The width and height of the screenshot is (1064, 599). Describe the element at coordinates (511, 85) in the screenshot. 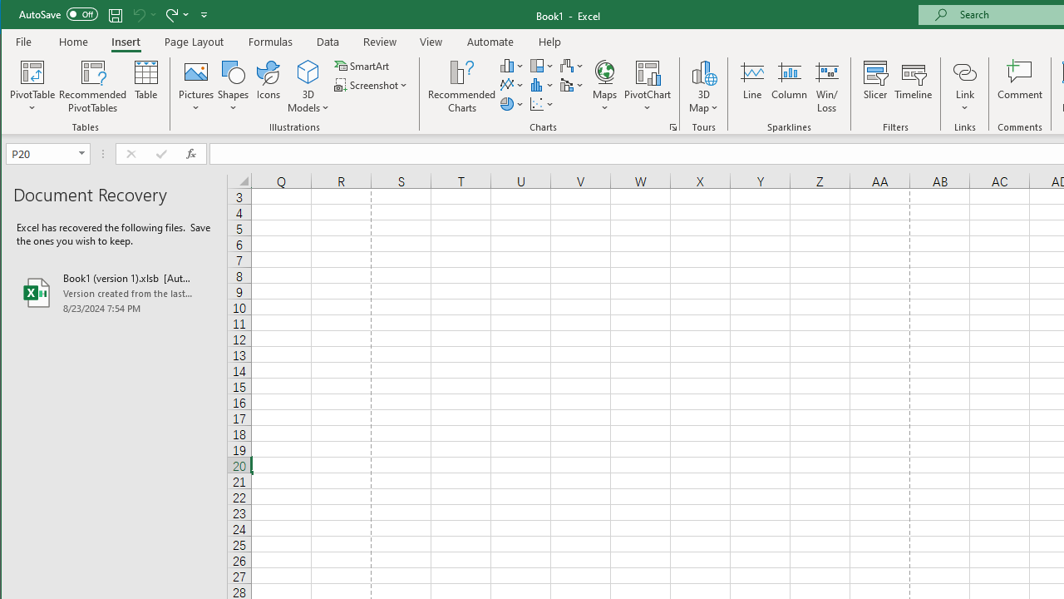

I see `'Insert Line or Area Chart'` at that location.